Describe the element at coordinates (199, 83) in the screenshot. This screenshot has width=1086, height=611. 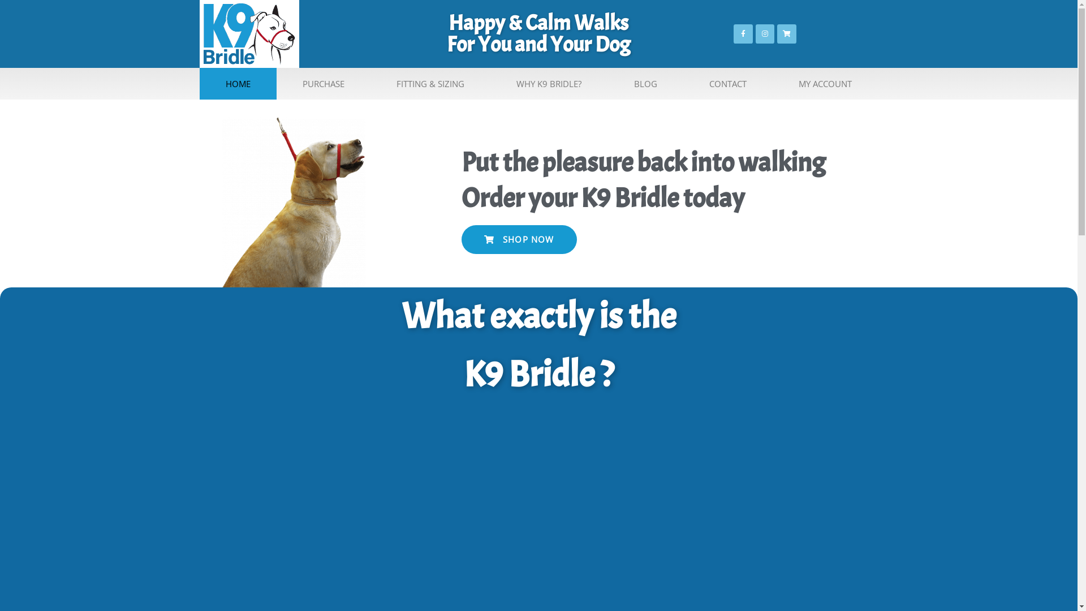
I see `'HOME'` at that location.